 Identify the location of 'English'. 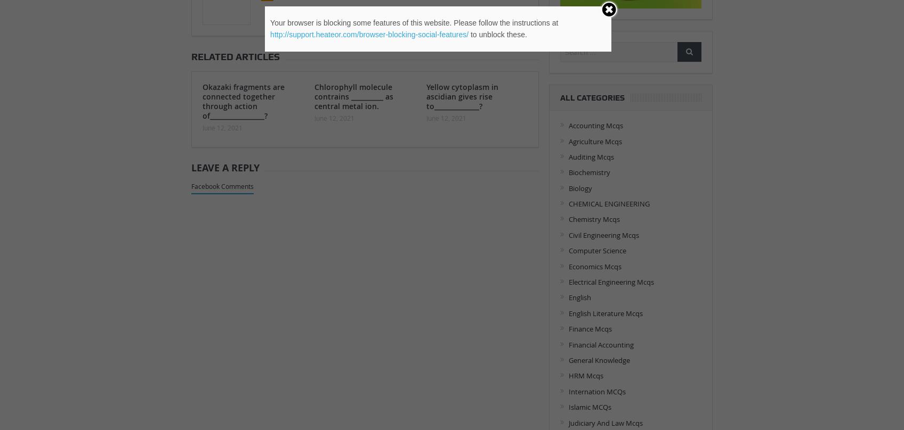
(579, 296).